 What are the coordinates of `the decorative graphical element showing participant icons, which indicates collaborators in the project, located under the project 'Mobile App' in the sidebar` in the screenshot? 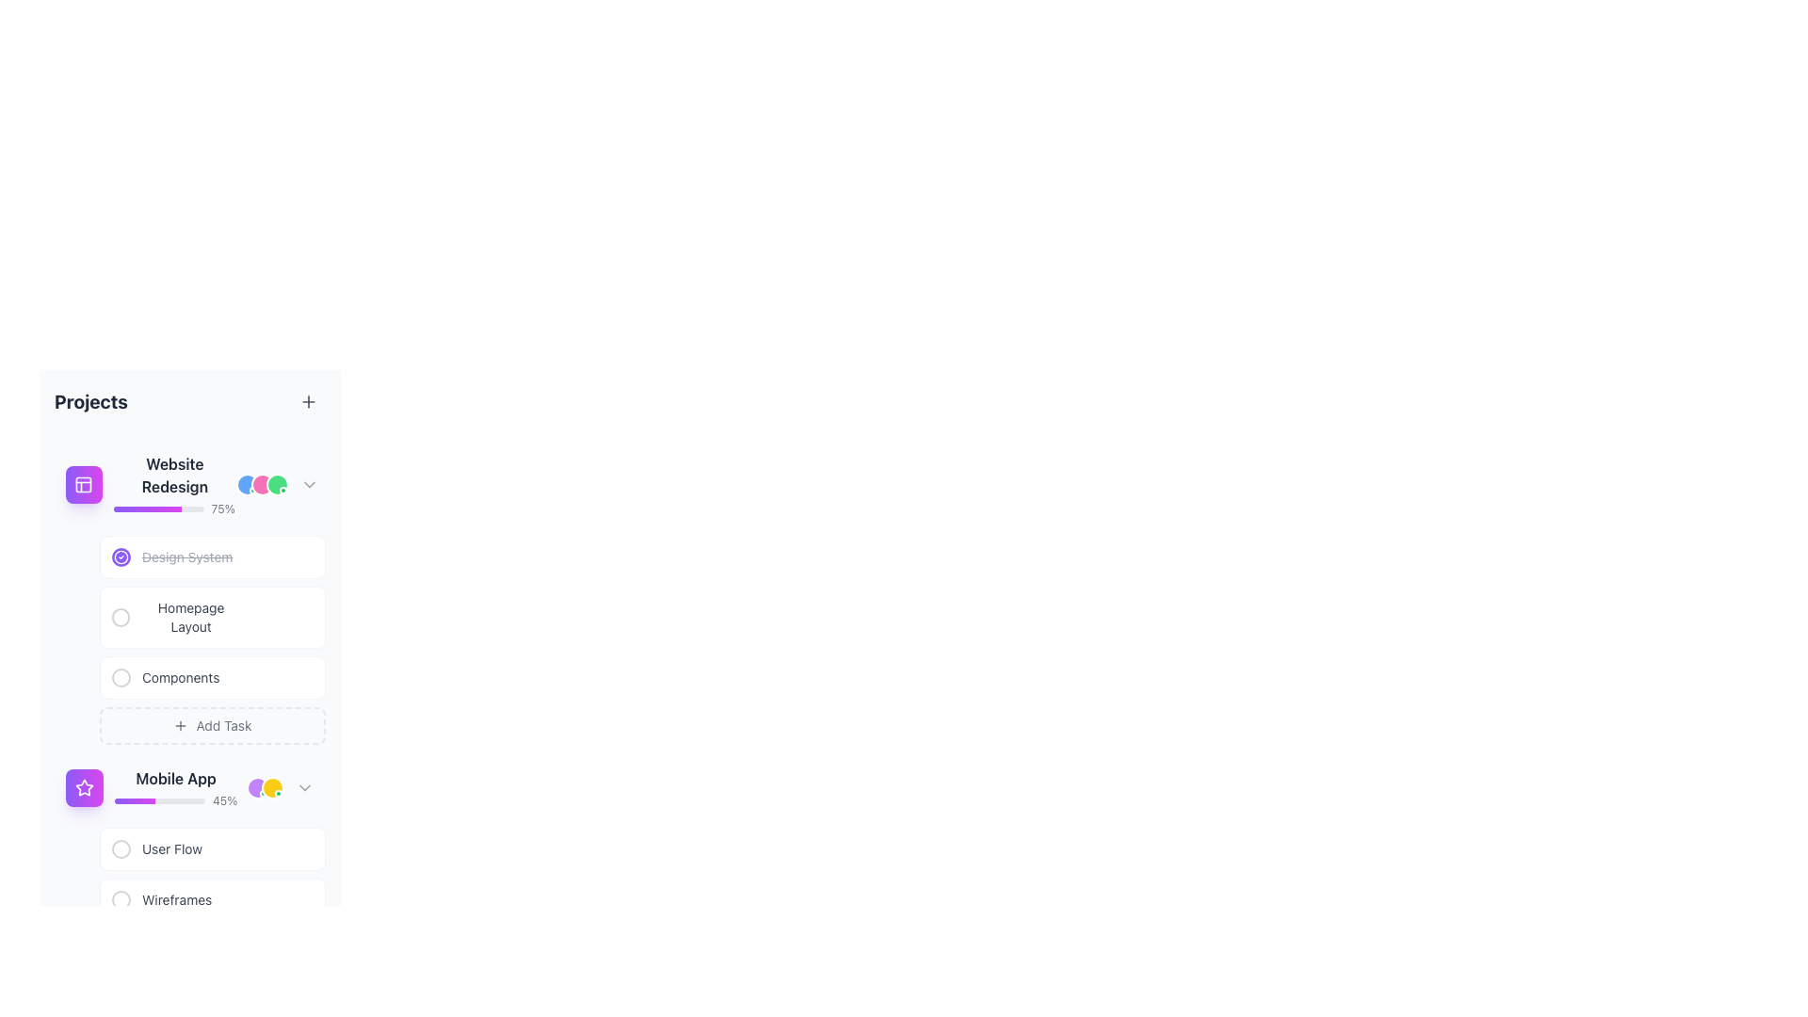 It's located at (265, 788).